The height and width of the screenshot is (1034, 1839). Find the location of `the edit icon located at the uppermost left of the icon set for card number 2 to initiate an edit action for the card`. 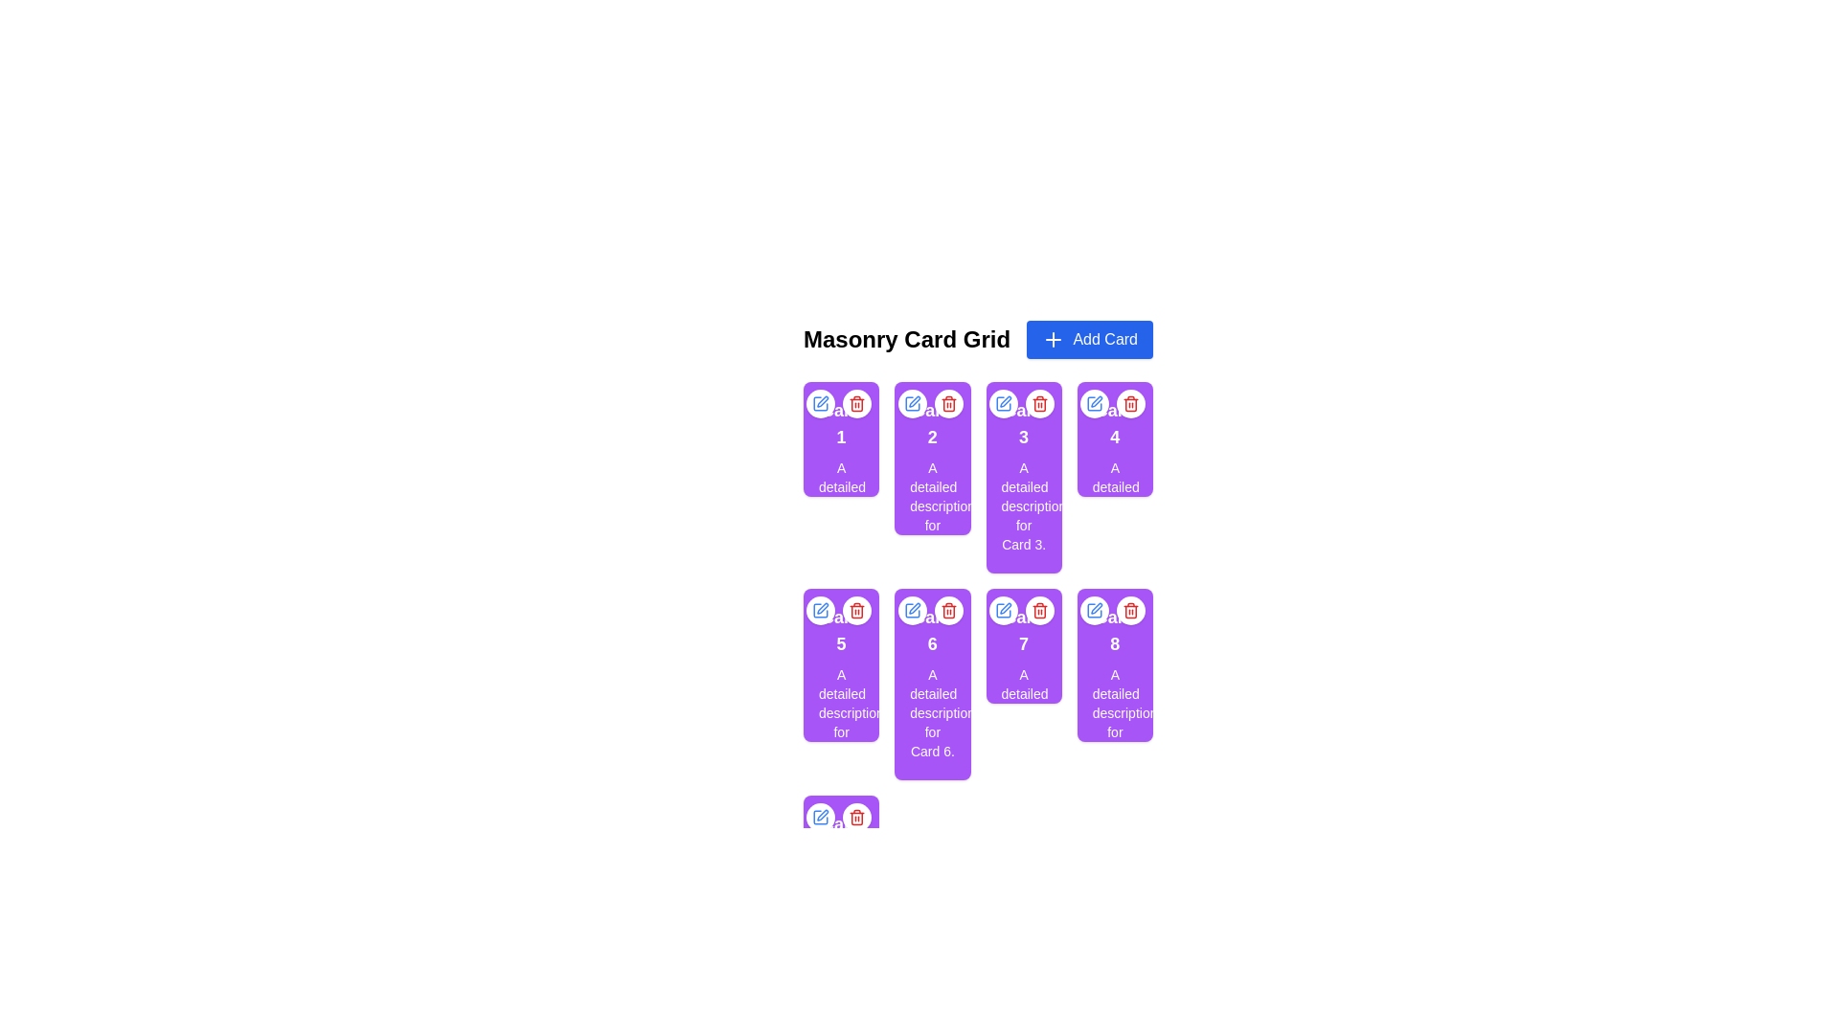

the edit icon located at the uppermost left of the icon set for card number 2 to initiate an edit action for the card is located at coordinates (911, 402).